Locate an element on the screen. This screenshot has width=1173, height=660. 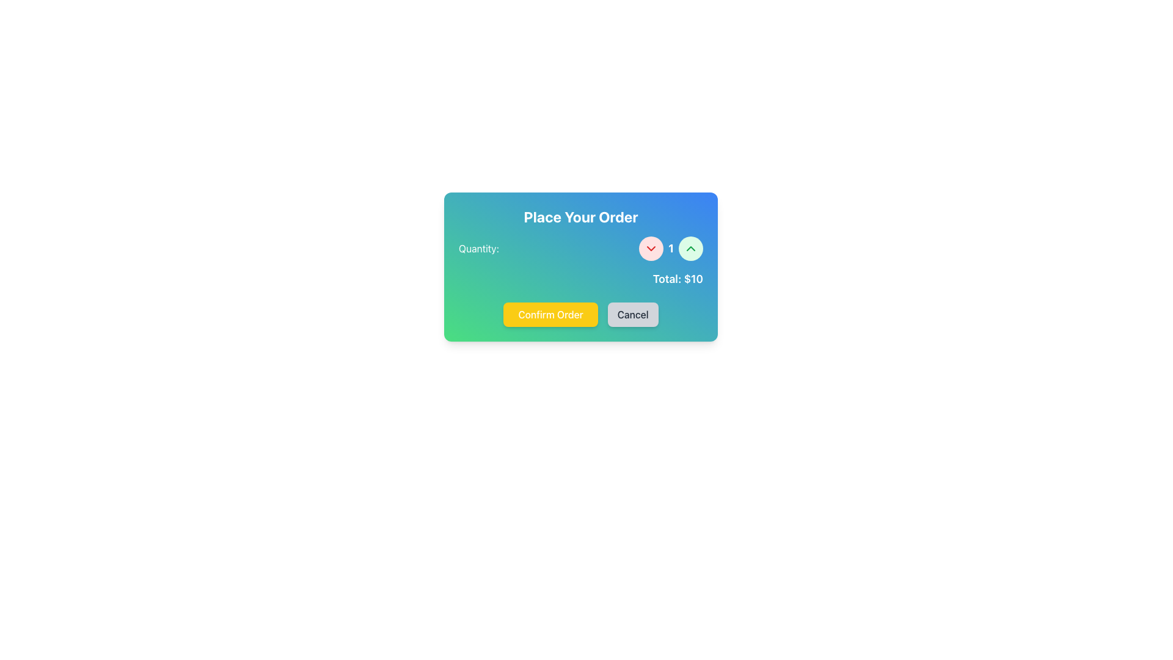
the 'Cancel' button with a light gray background and rounded corners, located immediately to the right of the 'Confirm Order' button is located at coordinates (633, 314).